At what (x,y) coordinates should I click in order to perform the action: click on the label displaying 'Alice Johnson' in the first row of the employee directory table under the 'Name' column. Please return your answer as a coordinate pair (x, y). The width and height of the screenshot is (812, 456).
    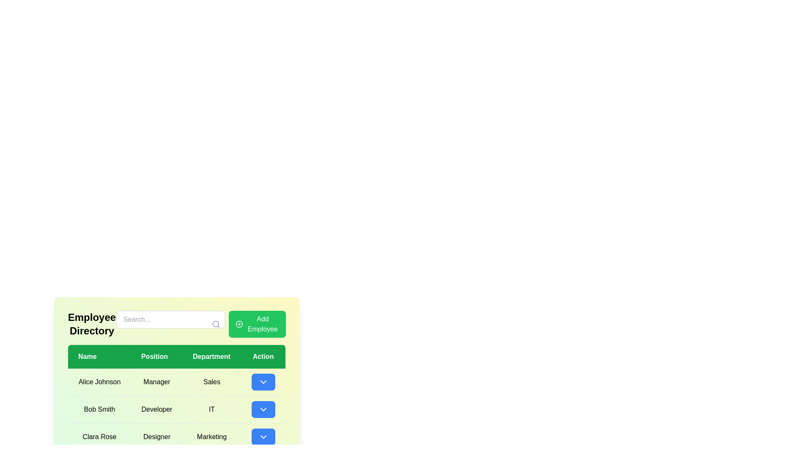
    Looking at the image, I should click on (99, 382).